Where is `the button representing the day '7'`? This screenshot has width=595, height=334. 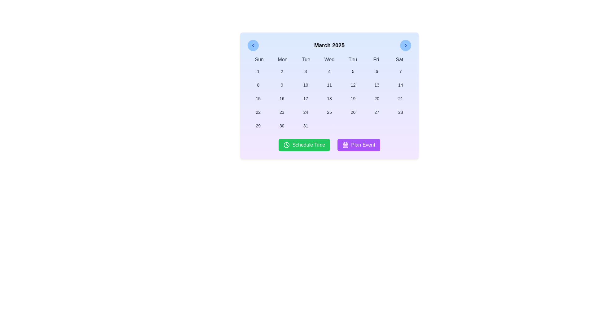 the button representing the day '7' is located at coordinates (400, 71).